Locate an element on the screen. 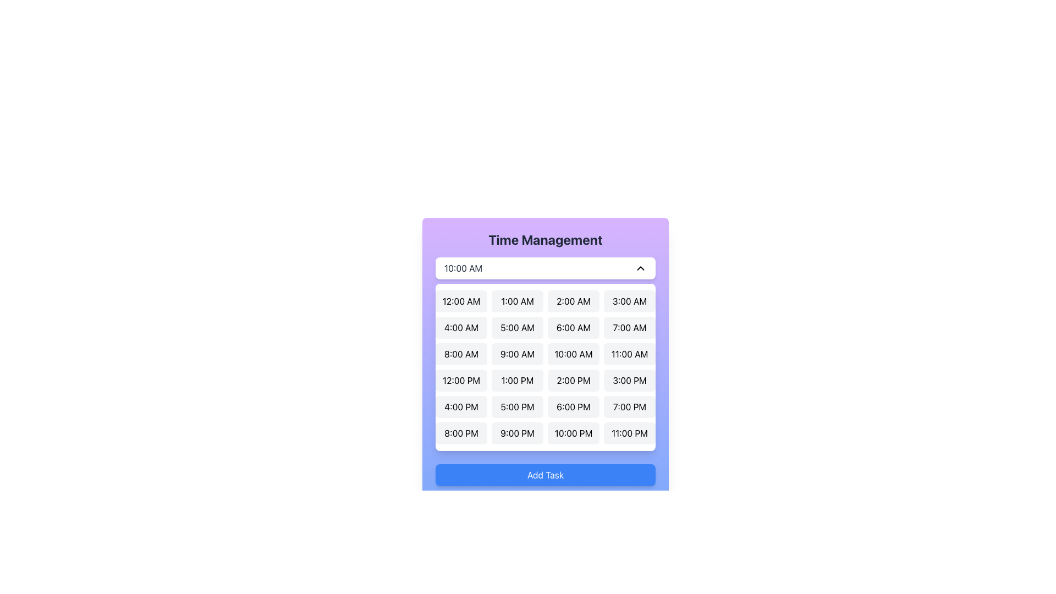 This screenshot has width=1056, height=594. the Time selection grid located in the 'Time Management' modal is located at coordinates (546, 354).